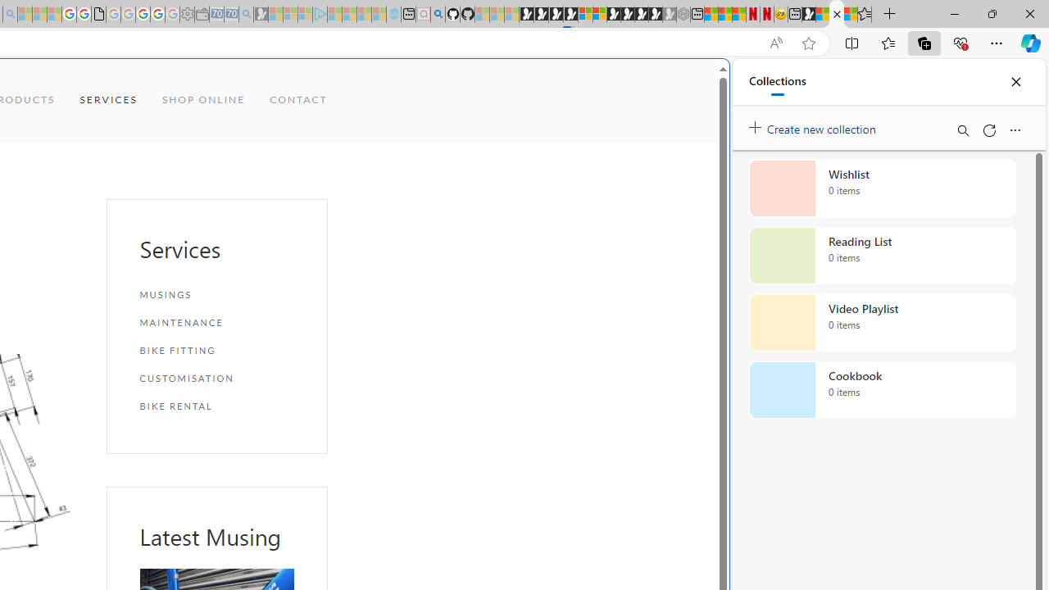 The width and height of the screenshot is (1049, 590). I want to click on 'CUSTOMISATION', so click(216, 378).